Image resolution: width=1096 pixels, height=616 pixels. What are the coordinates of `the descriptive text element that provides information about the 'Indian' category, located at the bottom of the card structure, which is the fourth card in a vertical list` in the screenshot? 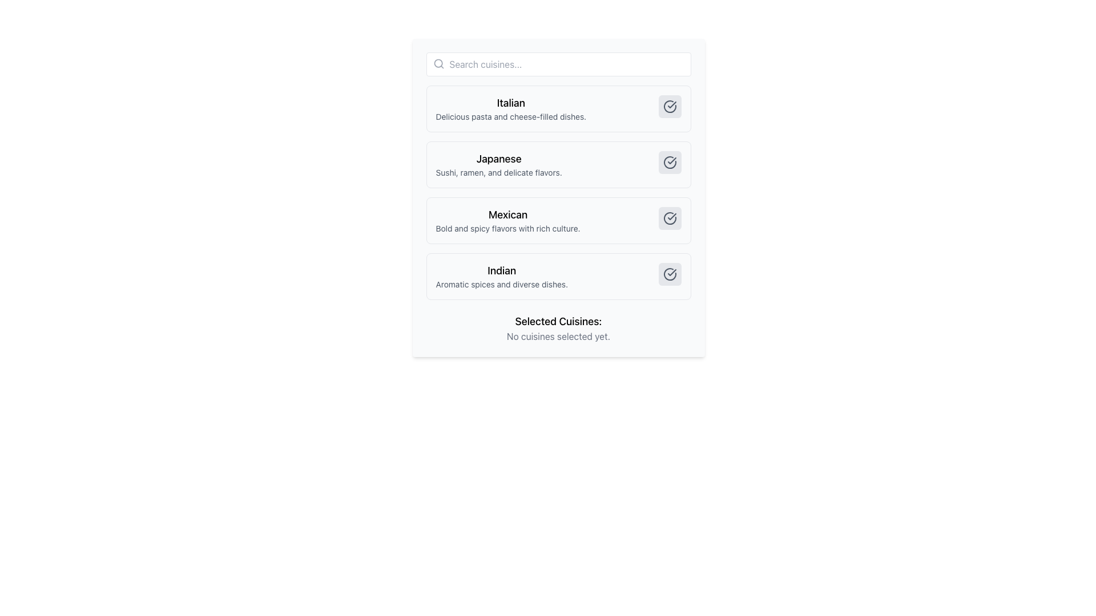 It's located at (502, 283).